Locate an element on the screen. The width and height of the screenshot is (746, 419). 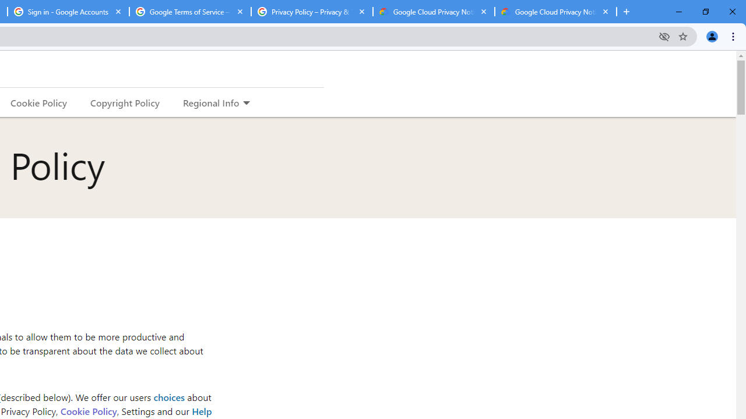
'choices' is located at coordinates (168, 396).